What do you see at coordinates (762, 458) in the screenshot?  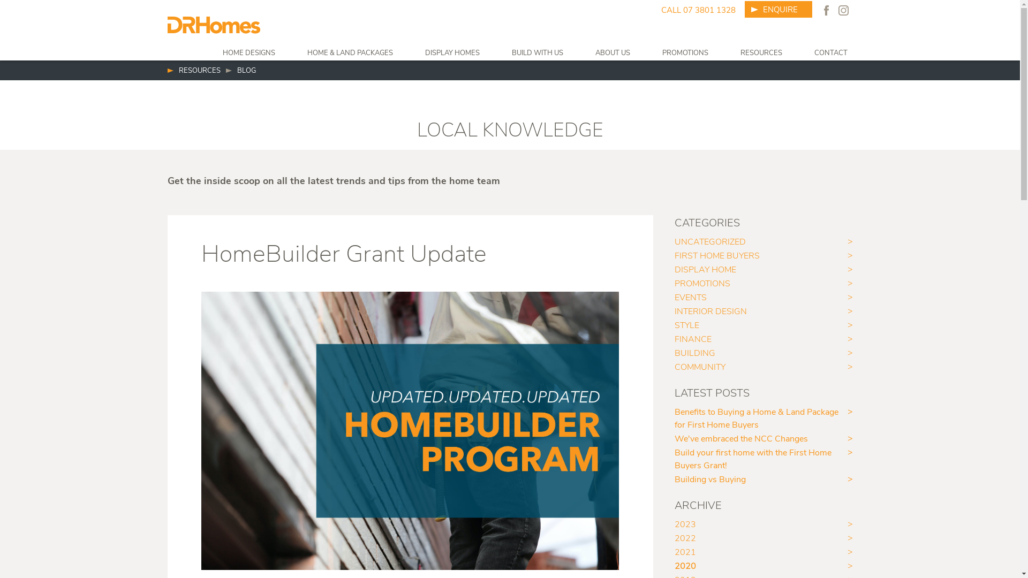 I see `'Build your first home with the First Home Buyers Grant!'` at bounding box center [762, 458].